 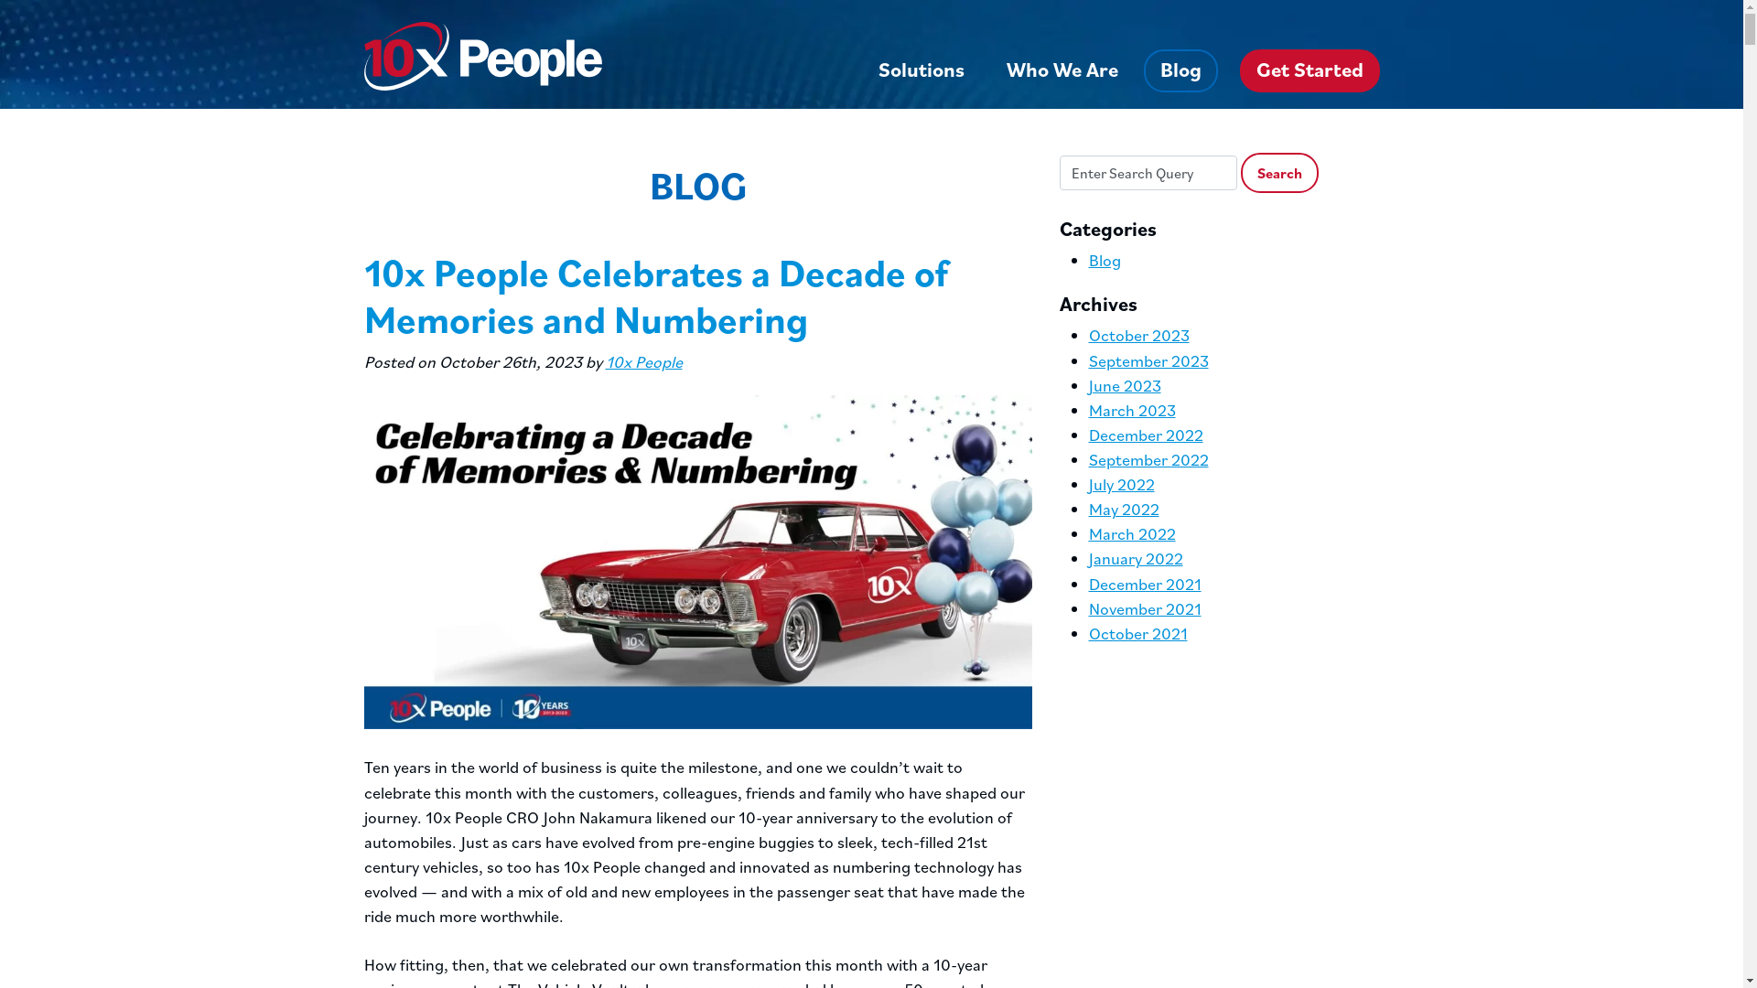 What do you see at coordinates (1131, 409) in the screenshot?
I see `'March 2023'` at bounding box center [1131, 409].